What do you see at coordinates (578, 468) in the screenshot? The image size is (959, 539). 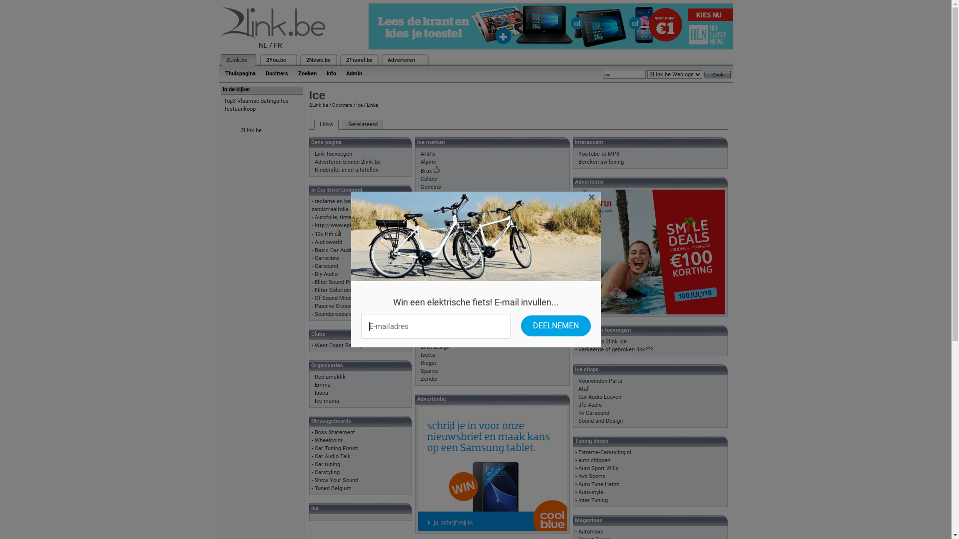 I see `'Auto Sport Willy'` at bounding box center [578, 468].